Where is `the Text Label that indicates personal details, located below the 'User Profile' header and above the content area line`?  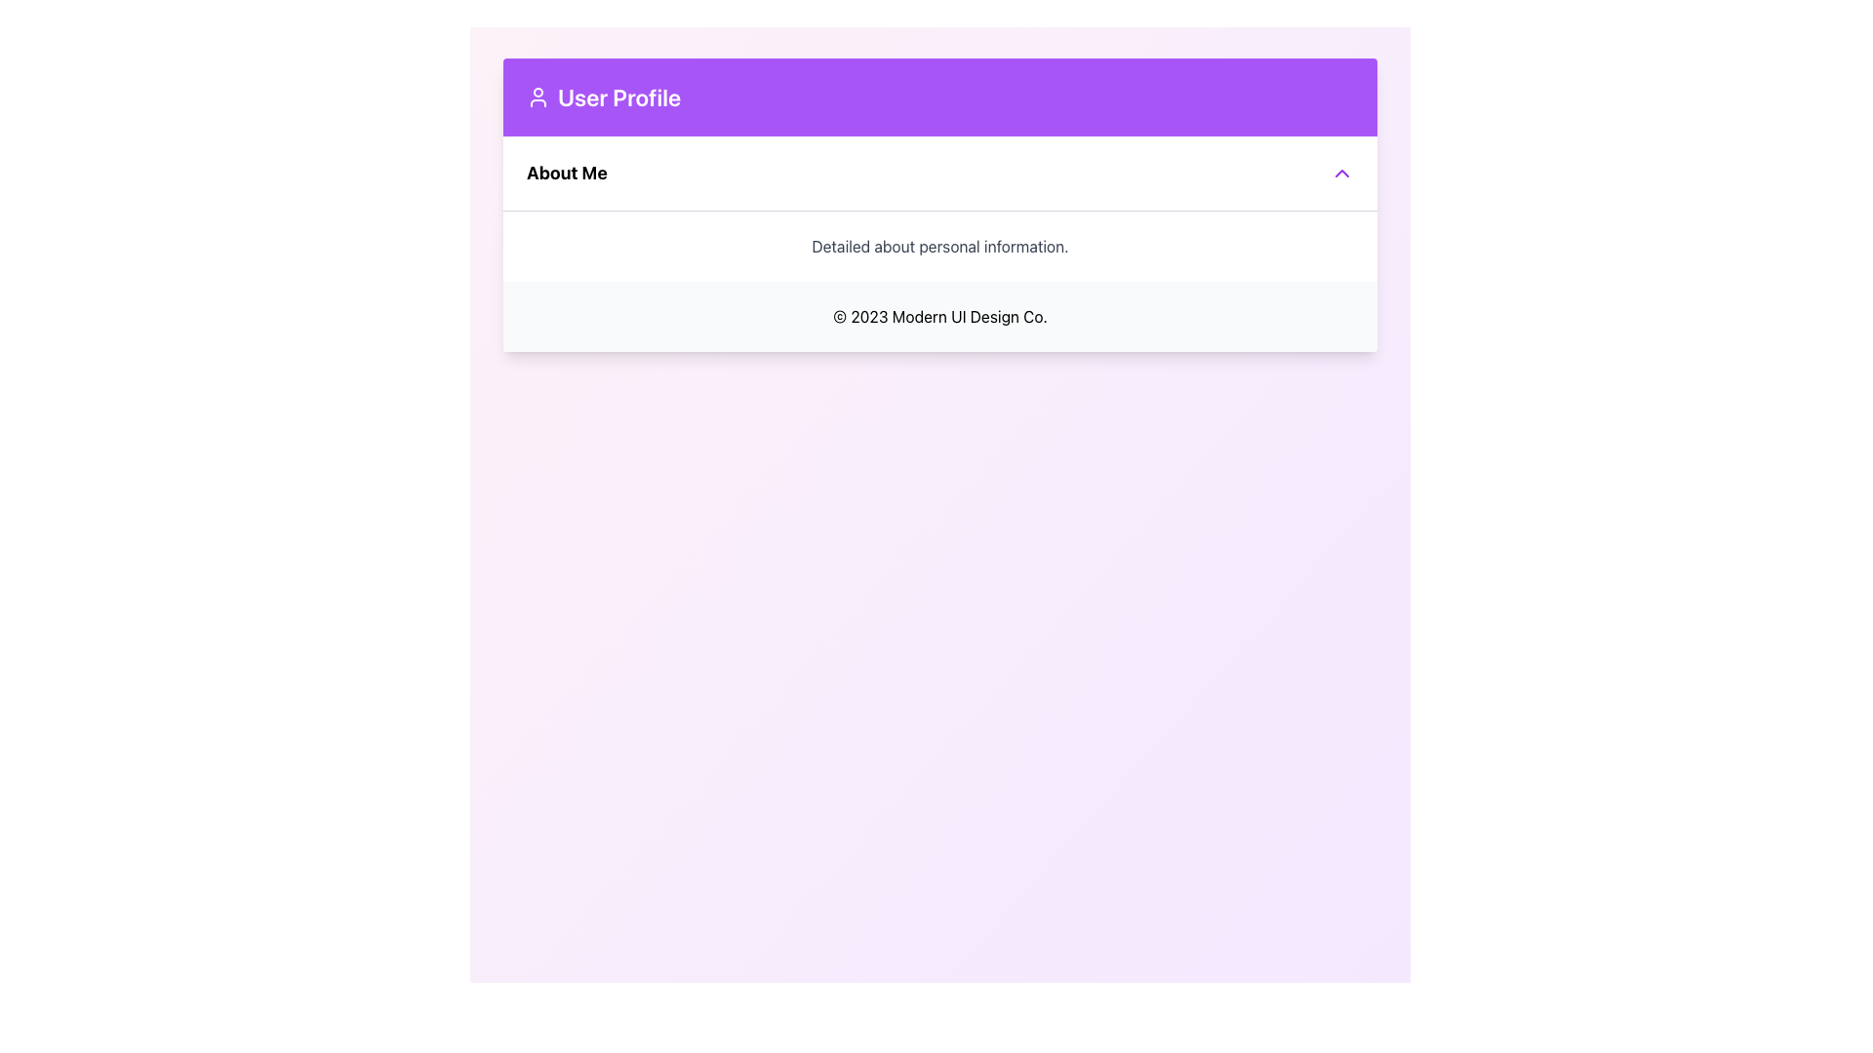
the Text Label that indicates personal details, located below the 'User Profile' header and above the content area line is located at coordinates (566, 172).